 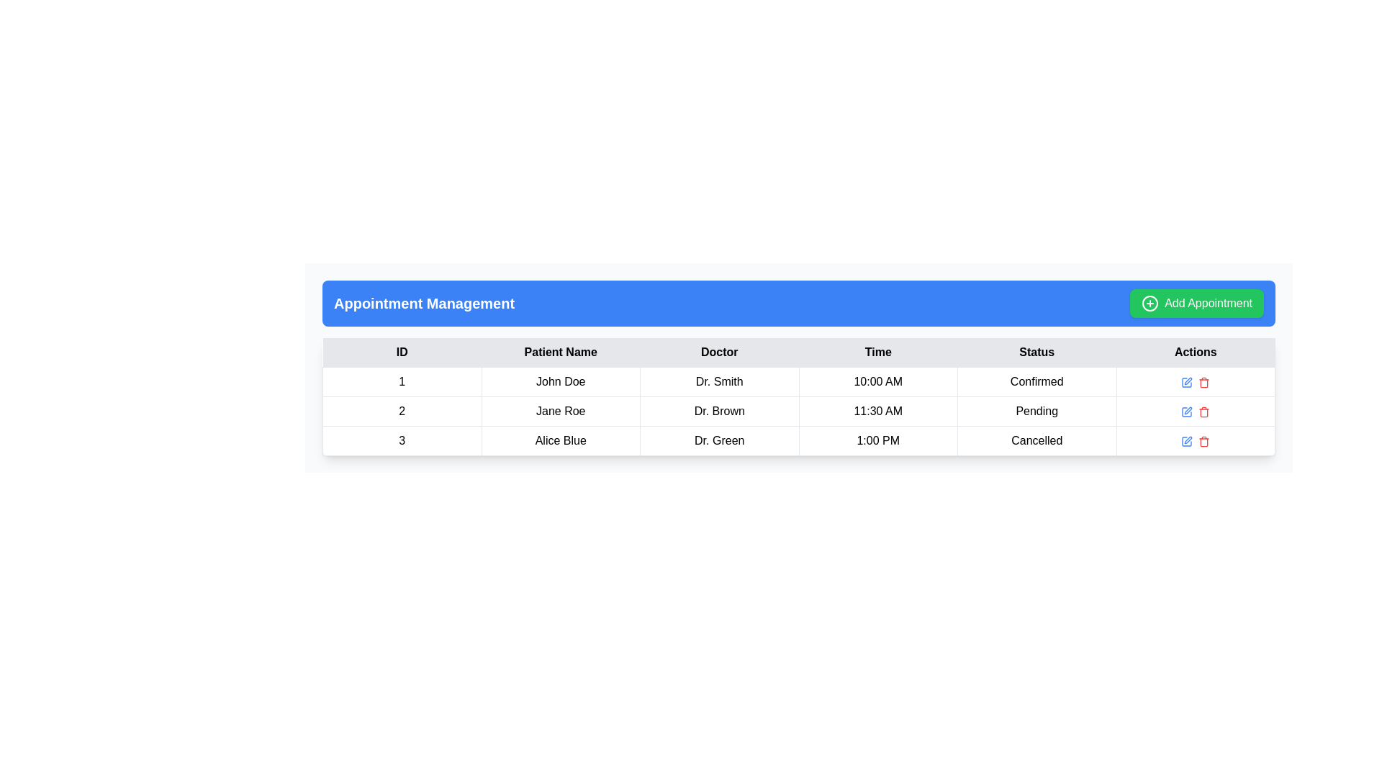 What do you see at coordinates (1188, 380) in the screenshot?
I see `the edit icon in the second row of the 'Actions' column of the table` at bounding box center [1188, 380].